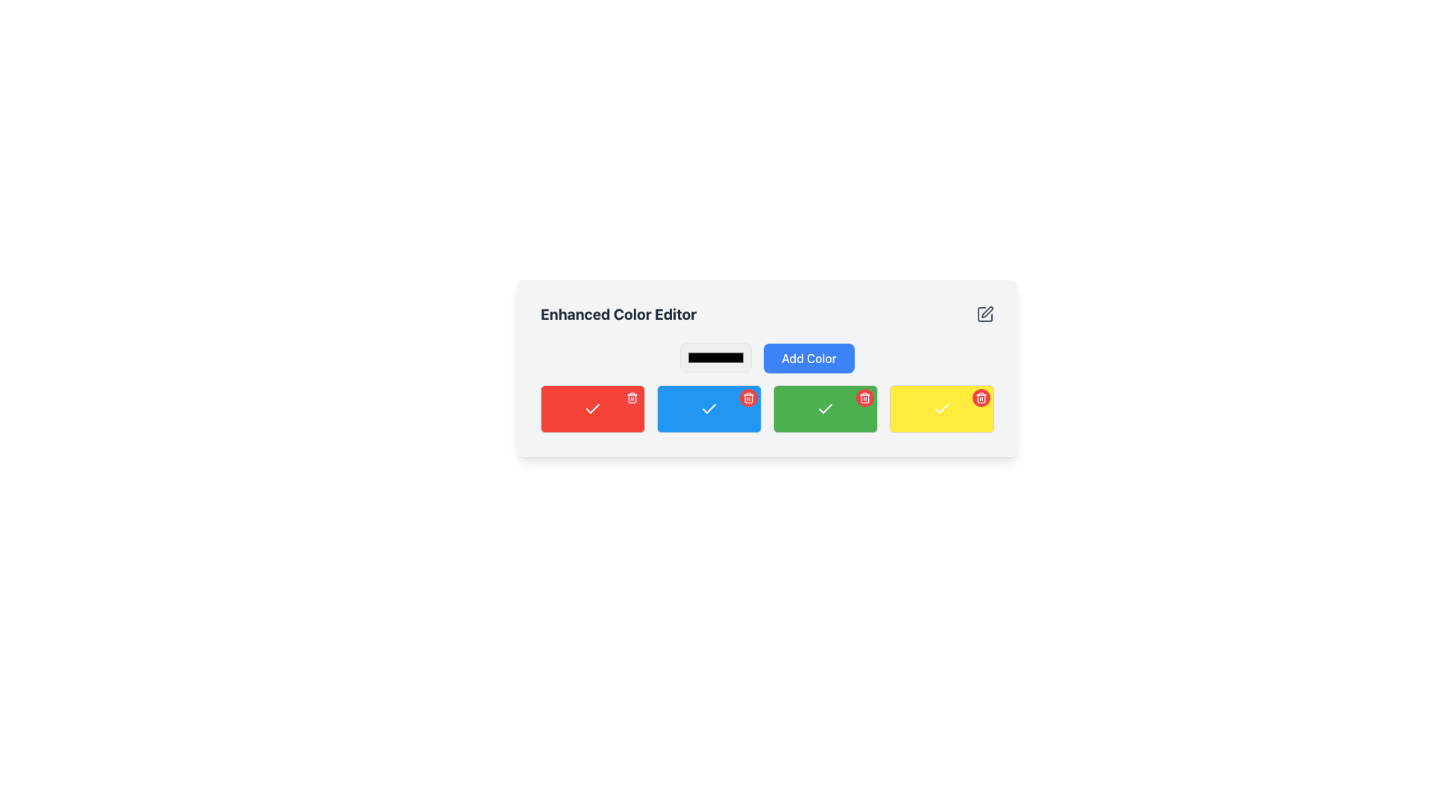 The image size is (1432, 805). I want to click on the fourth rectangle in the color selection grid, so click(940, 408).